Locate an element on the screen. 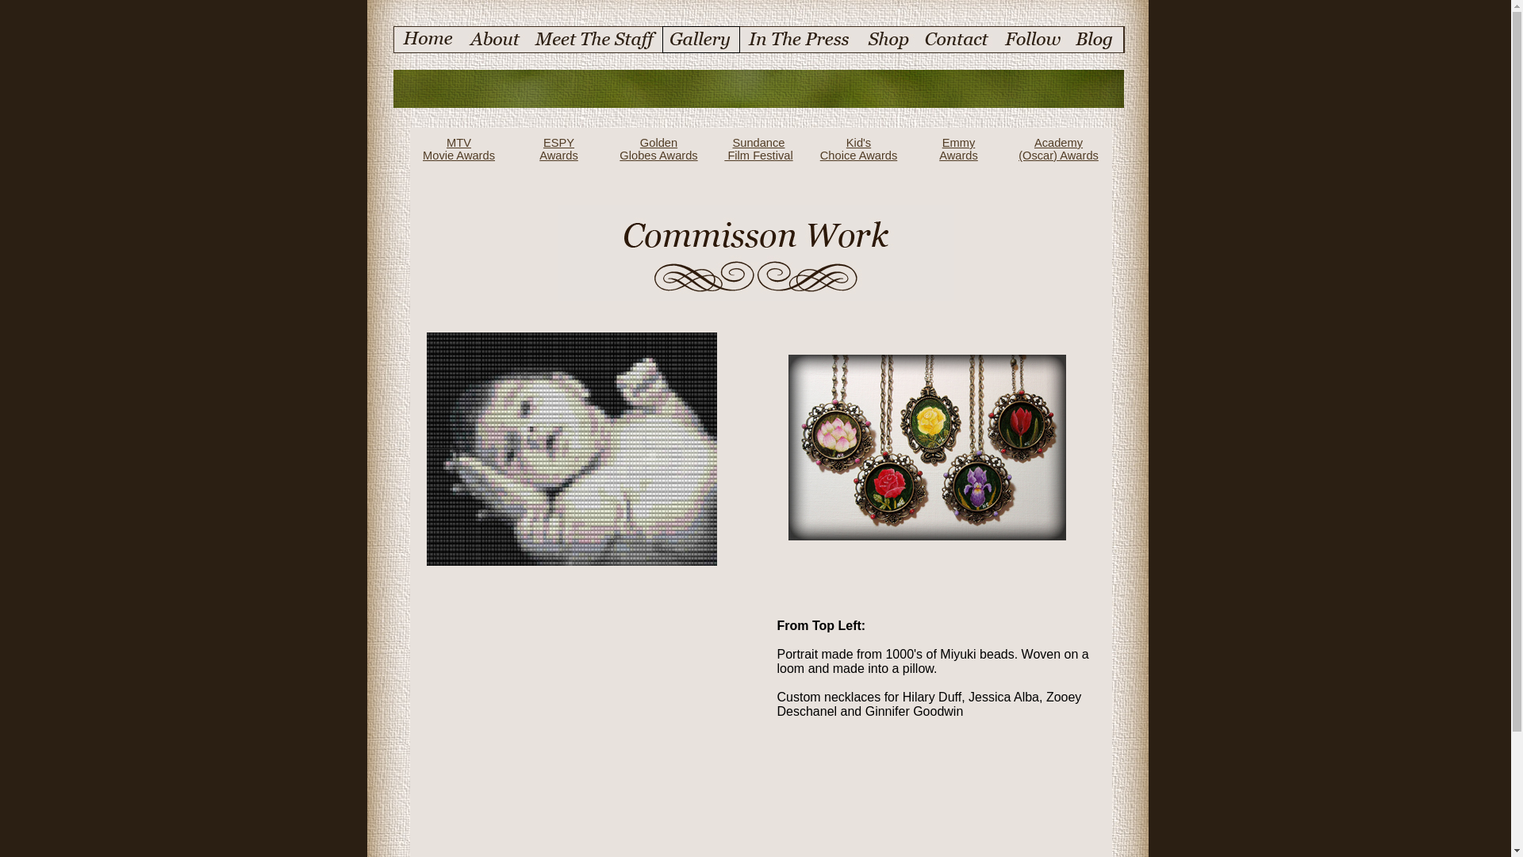  'celebrity necklace' is located at coordinates (927, 447).